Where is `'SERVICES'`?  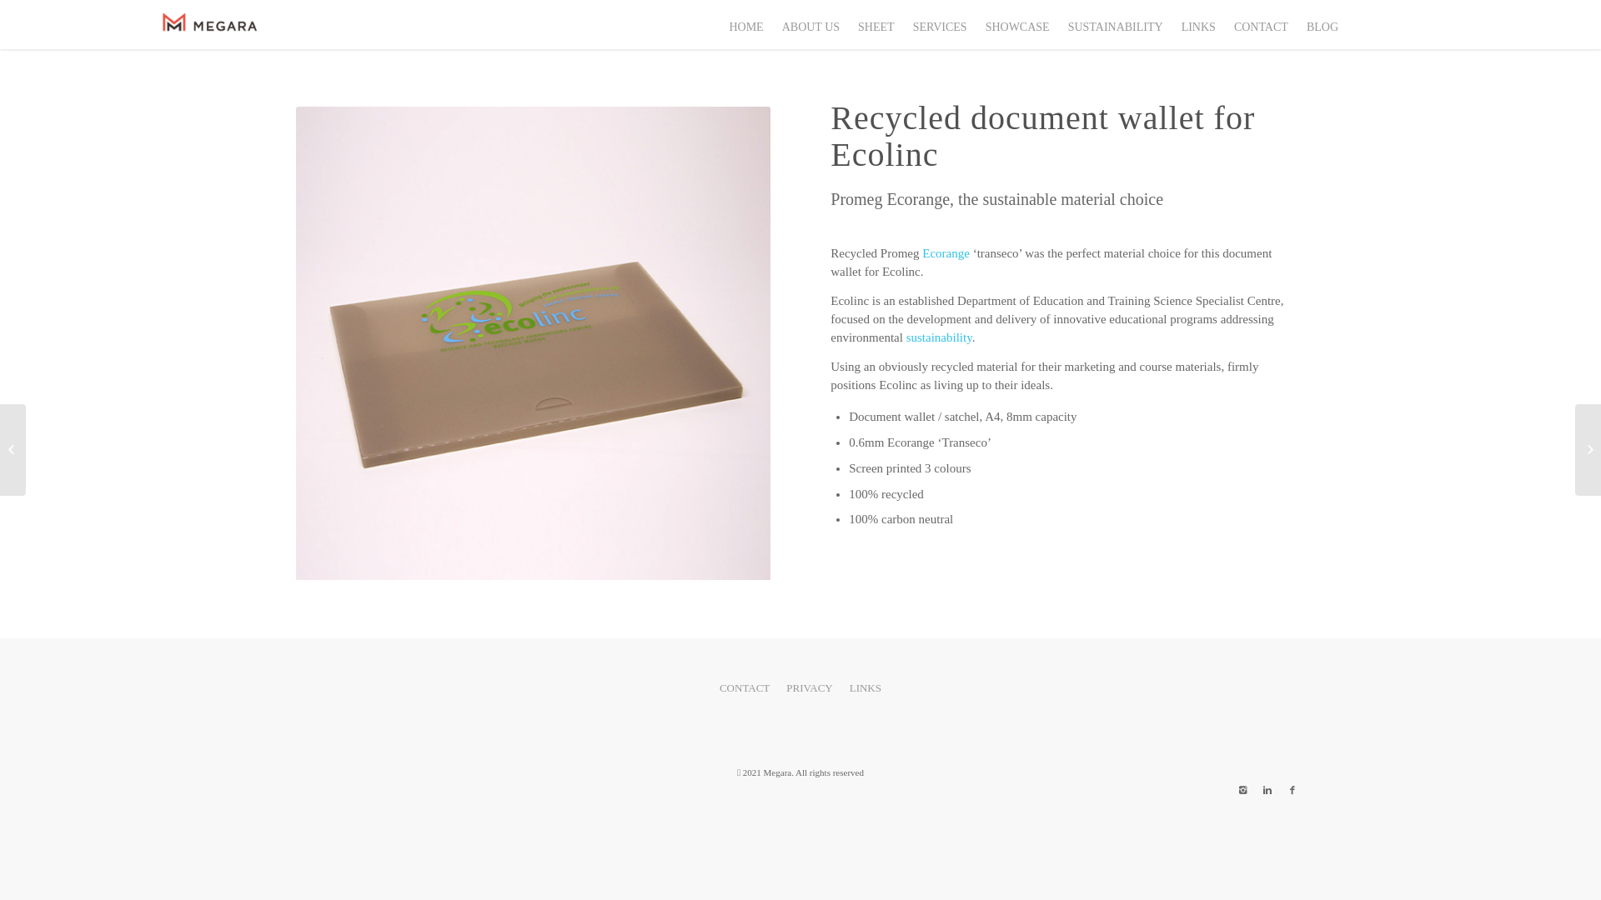 'SERVICES' is located at coordinates (939, 24).